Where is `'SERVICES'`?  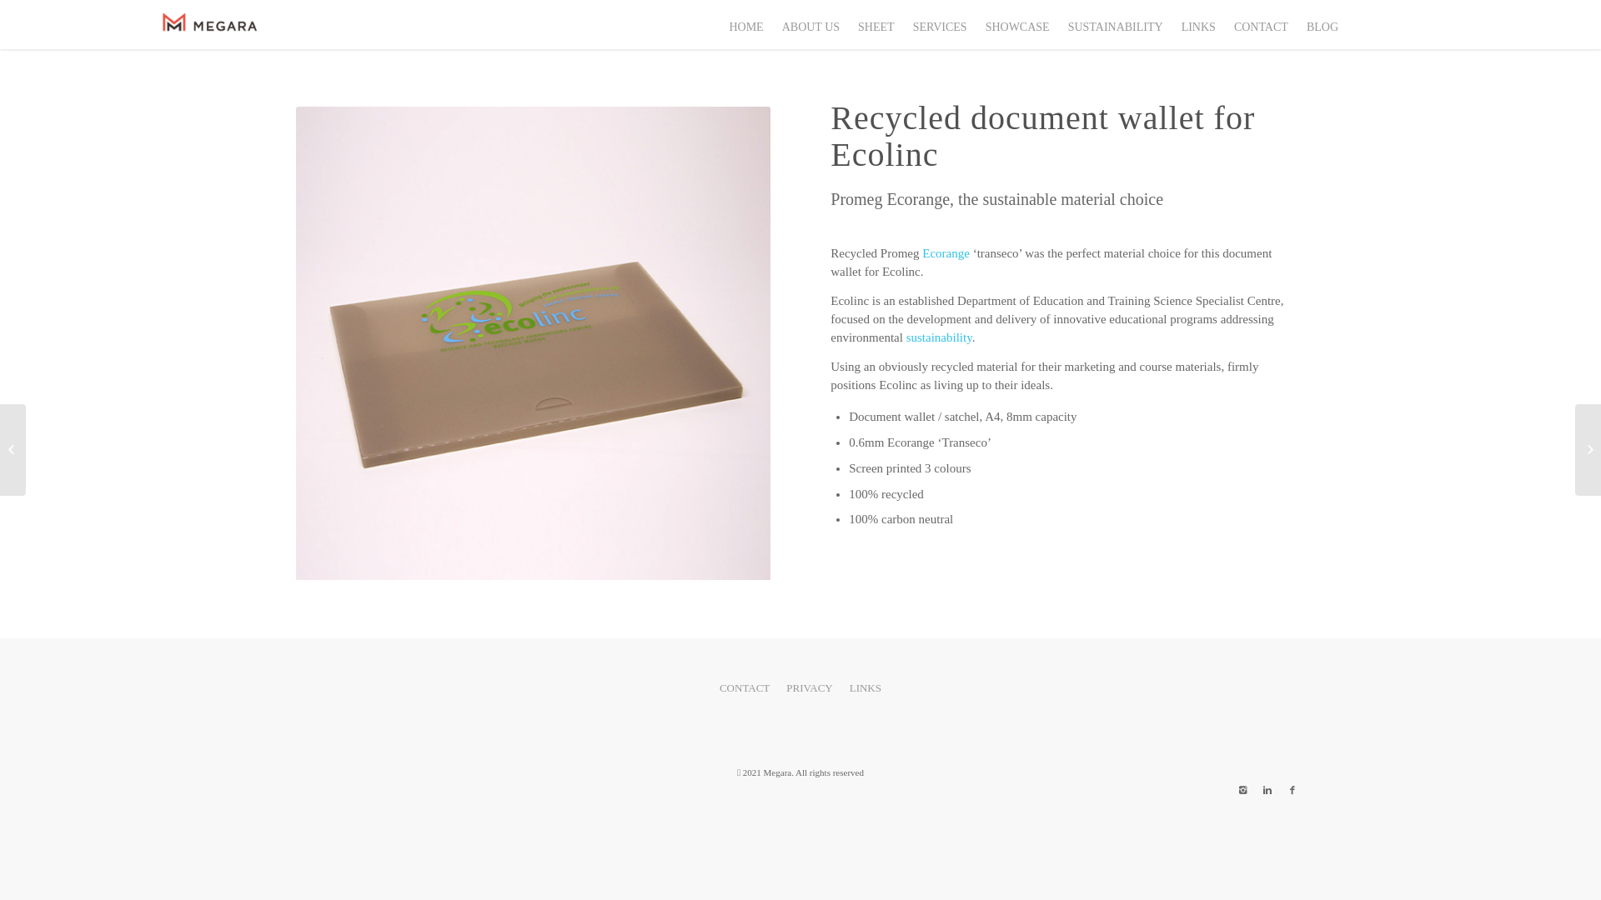 'SERVICES' is located at coordinates (939, 24).